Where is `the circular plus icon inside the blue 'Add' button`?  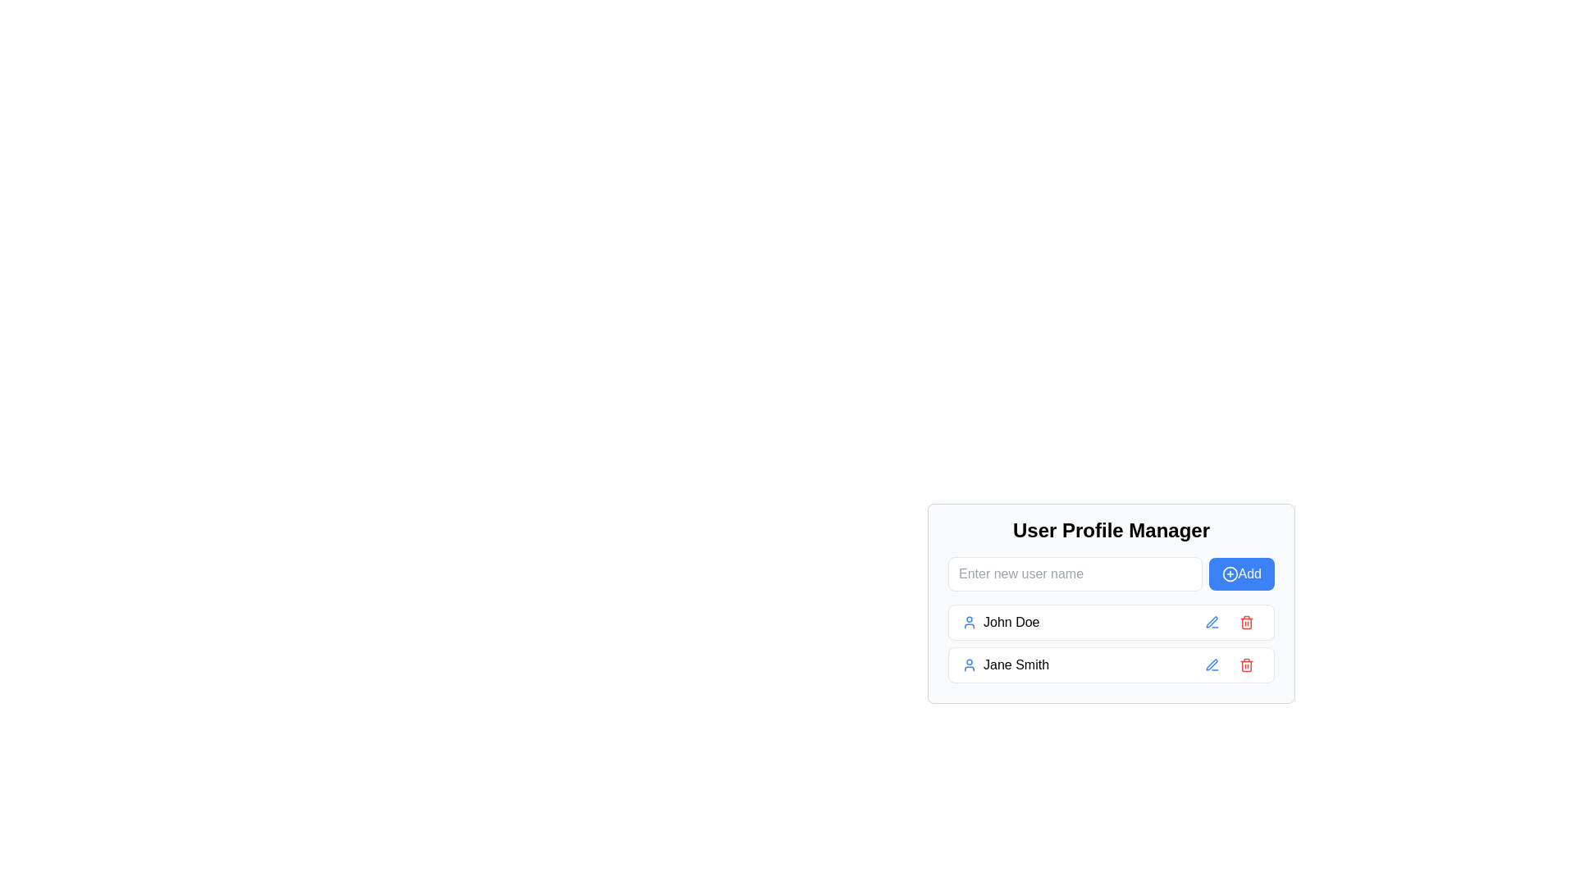 the circular plus icon inside the blue 'Add' button is located at coordinates (1229, 573).